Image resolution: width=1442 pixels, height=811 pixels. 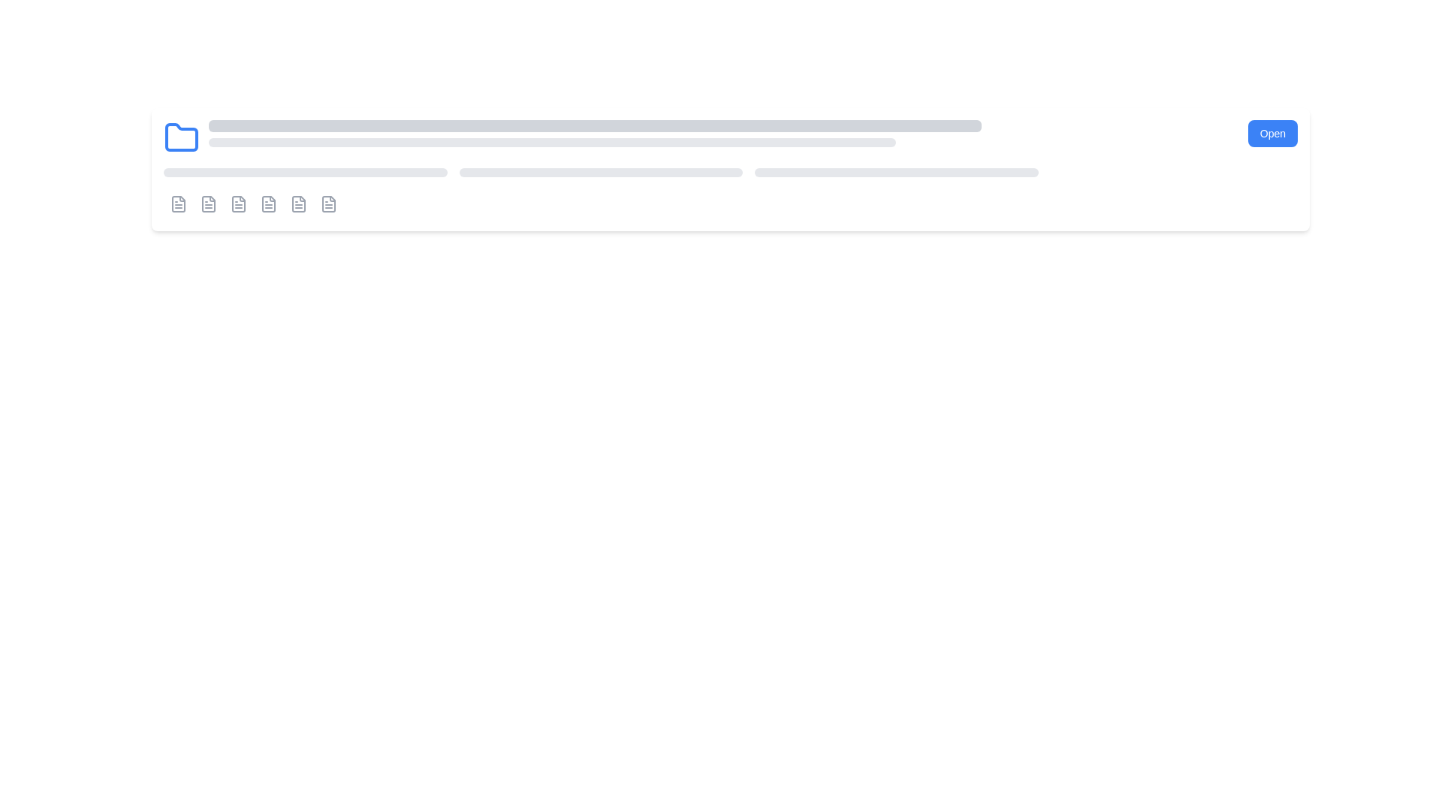 What do you see at coordinates (208, 204) in the screenshot?
I see `the first file icon in the row of file icons below the folder structure` at bounding box center [208, 204].